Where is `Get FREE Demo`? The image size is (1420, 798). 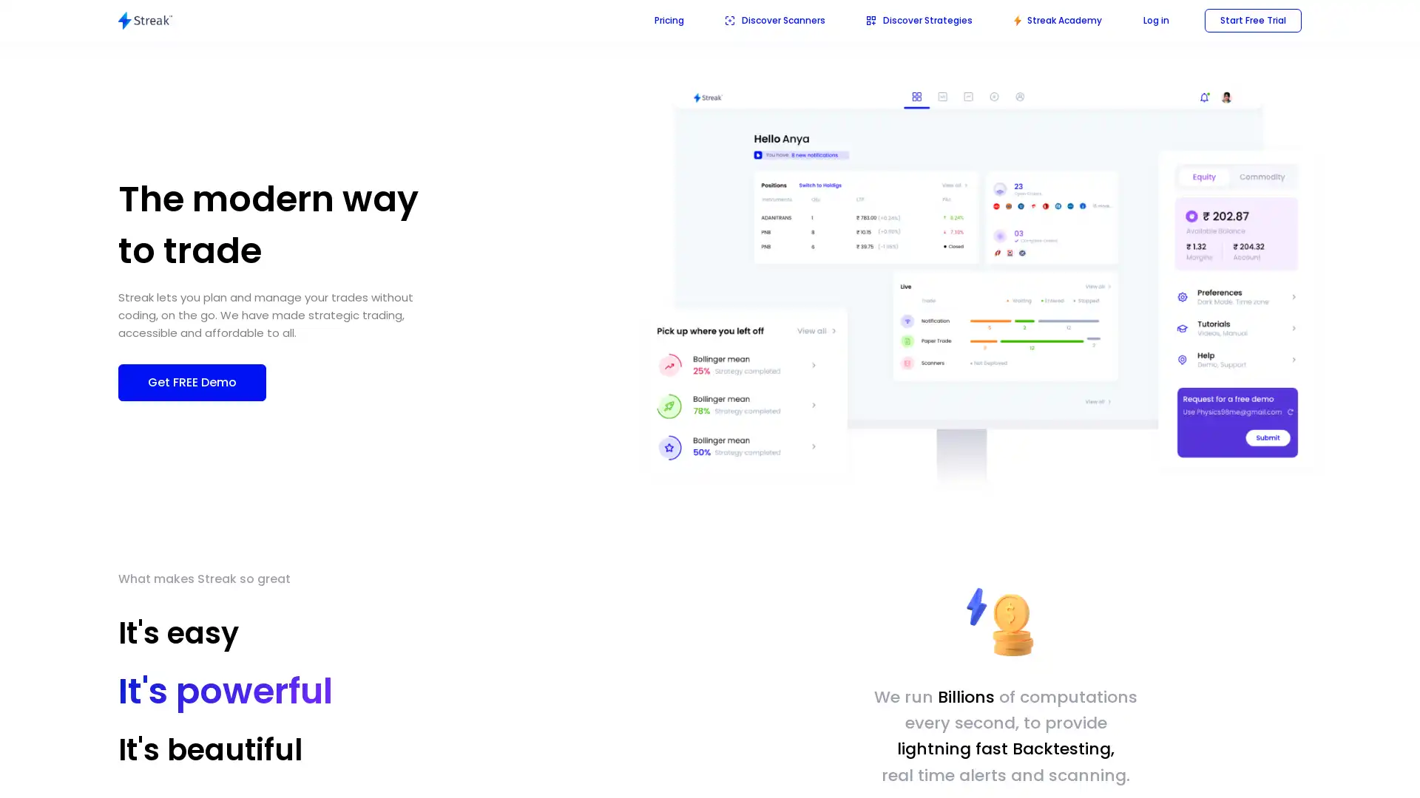
Get FREE Demo is located at coordinates (191, 381).